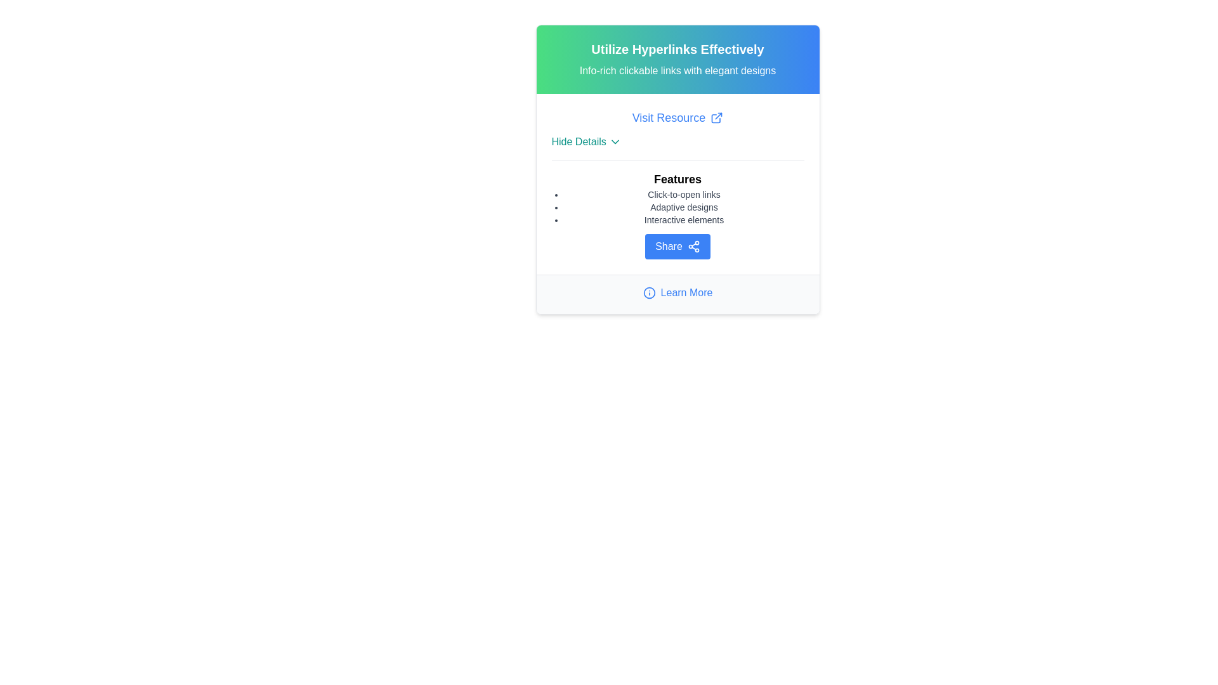 The height and width of the screenshot is (685, 1218). Describe the element at coordinates (586, 141) in the screenshot. I see `the Toggle Button with Text and Icon located below the 'Visit Resource' link` at that location.